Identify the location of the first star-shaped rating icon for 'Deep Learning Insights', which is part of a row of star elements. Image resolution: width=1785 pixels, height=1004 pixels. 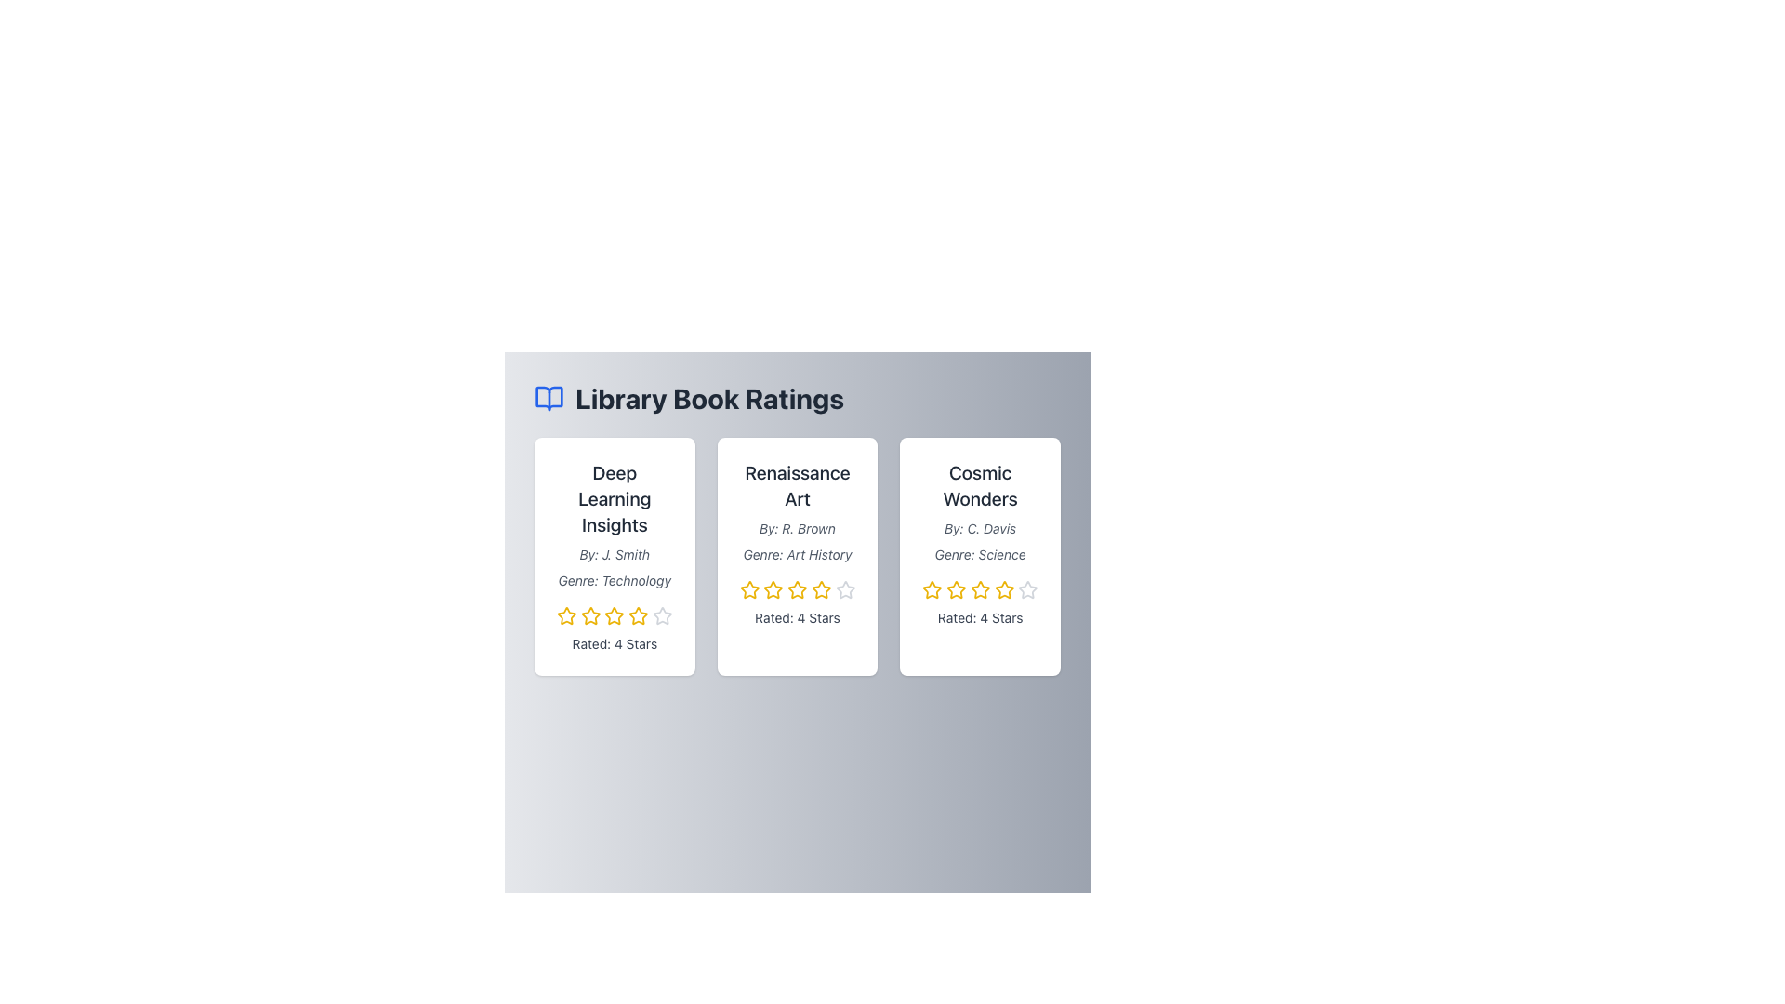
(565, 616).